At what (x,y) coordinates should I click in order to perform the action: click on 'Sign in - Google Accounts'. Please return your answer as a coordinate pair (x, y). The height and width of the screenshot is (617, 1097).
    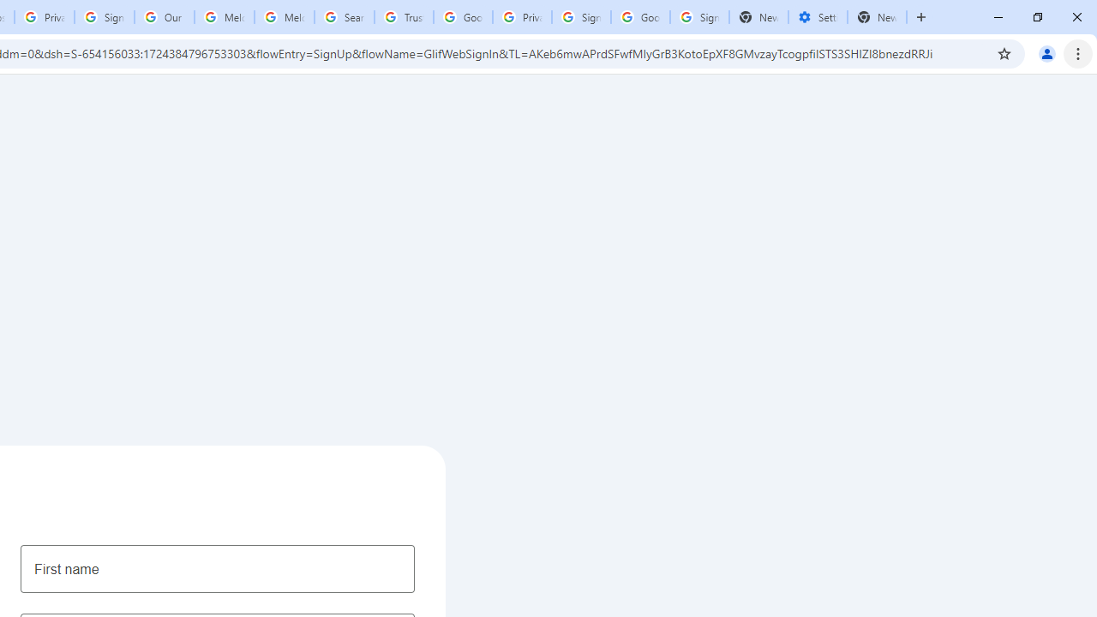
    Looking at the image, I should click on (581, 17).